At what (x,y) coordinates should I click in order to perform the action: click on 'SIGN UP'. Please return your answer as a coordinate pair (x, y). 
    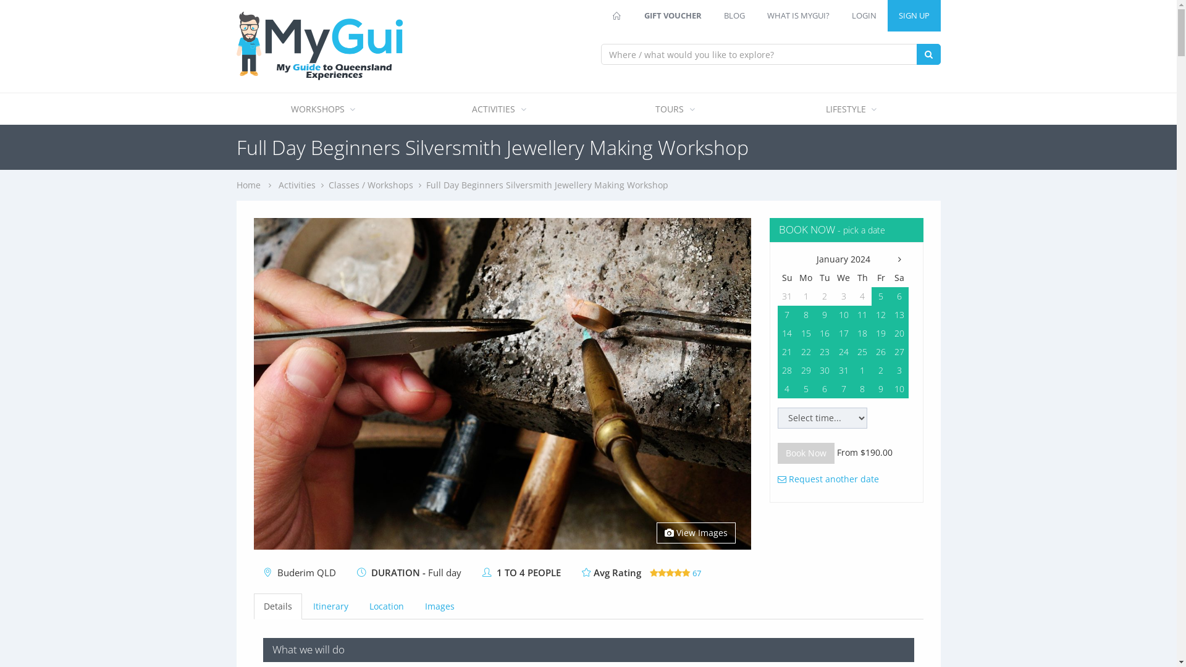
    Looking at the image, I should click on (913, 15).